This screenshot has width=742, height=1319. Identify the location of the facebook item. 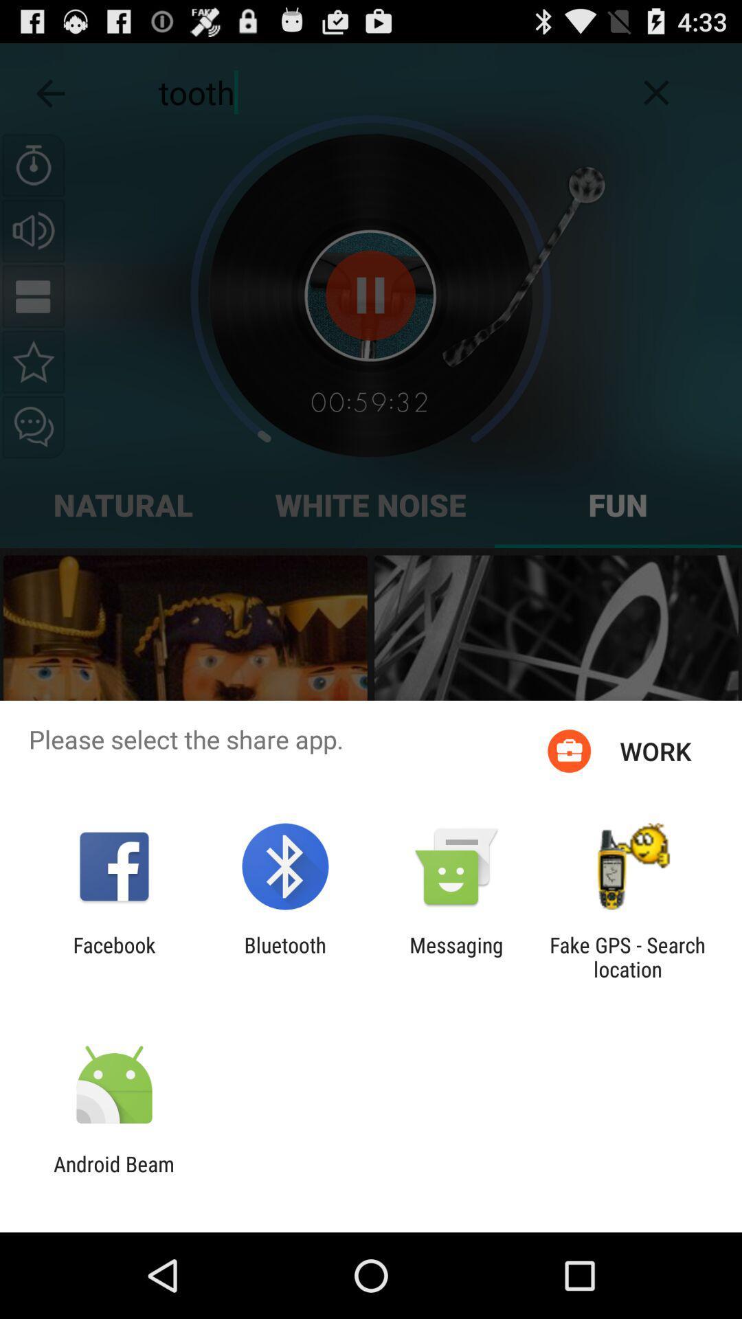
(113, 956).